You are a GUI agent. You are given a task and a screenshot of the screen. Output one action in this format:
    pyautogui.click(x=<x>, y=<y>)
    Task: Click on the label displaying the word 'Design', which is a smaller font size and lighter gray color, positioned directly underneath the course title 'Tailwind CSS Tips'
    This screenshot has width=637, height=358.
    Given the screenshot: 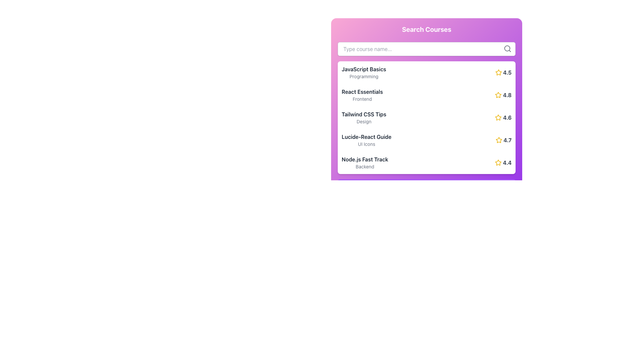 What is the action you would take?
    pyautogui.click(x=364, y=121)
    